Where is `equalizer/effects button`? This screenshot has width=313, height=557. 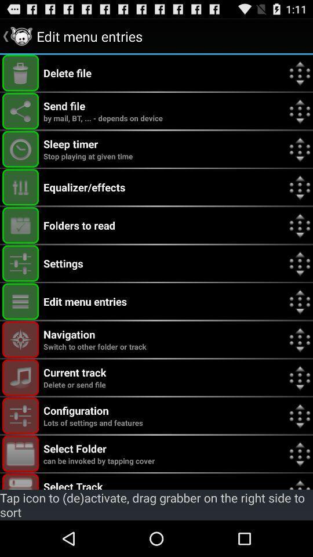 equalizer/effects button is located at coordinates (20, 187).